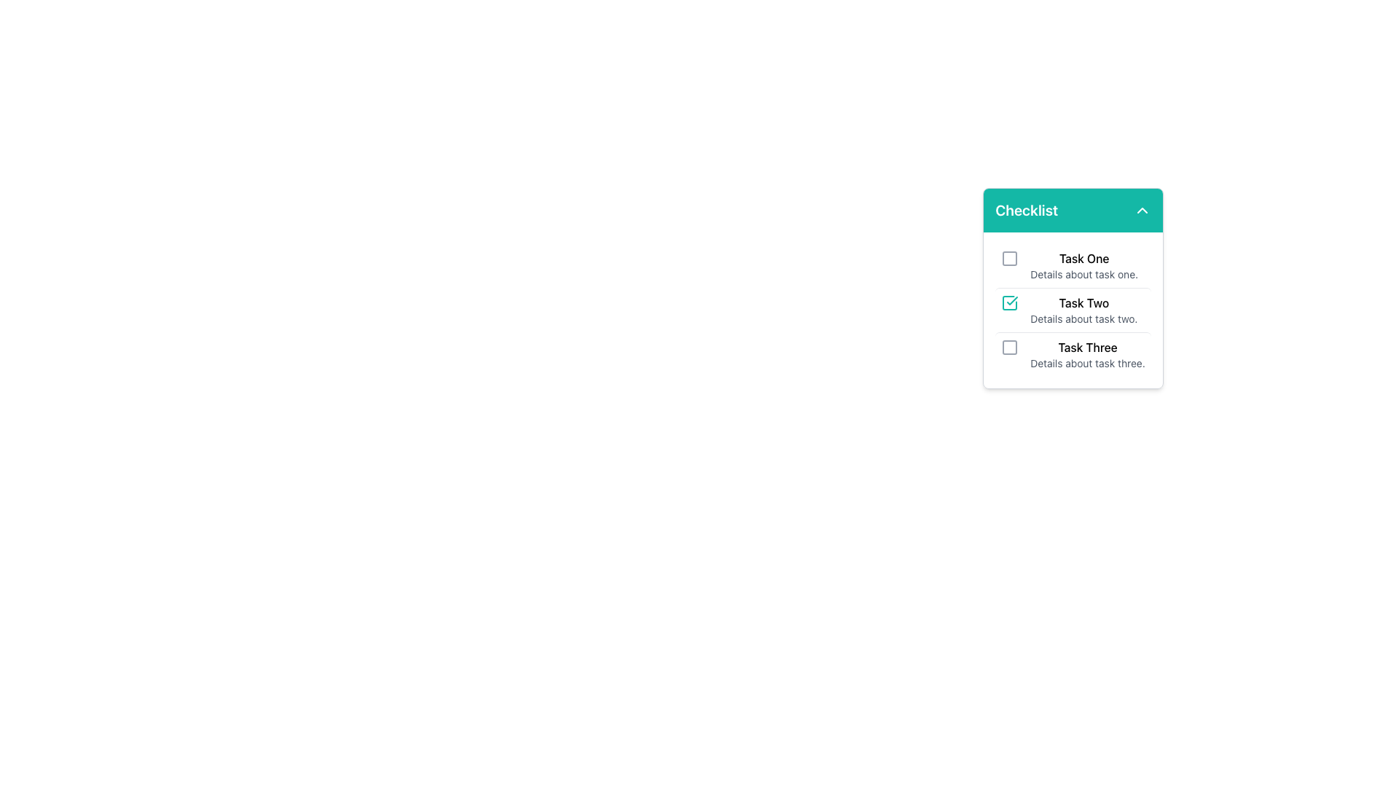 This screenshot has height=787, width=1399. What do you see at coordinates (1009, 257) in the screenshot?
I see `the checkbox associated with 'Task One' to mark it as complete` at bounding box center [1009, 257].